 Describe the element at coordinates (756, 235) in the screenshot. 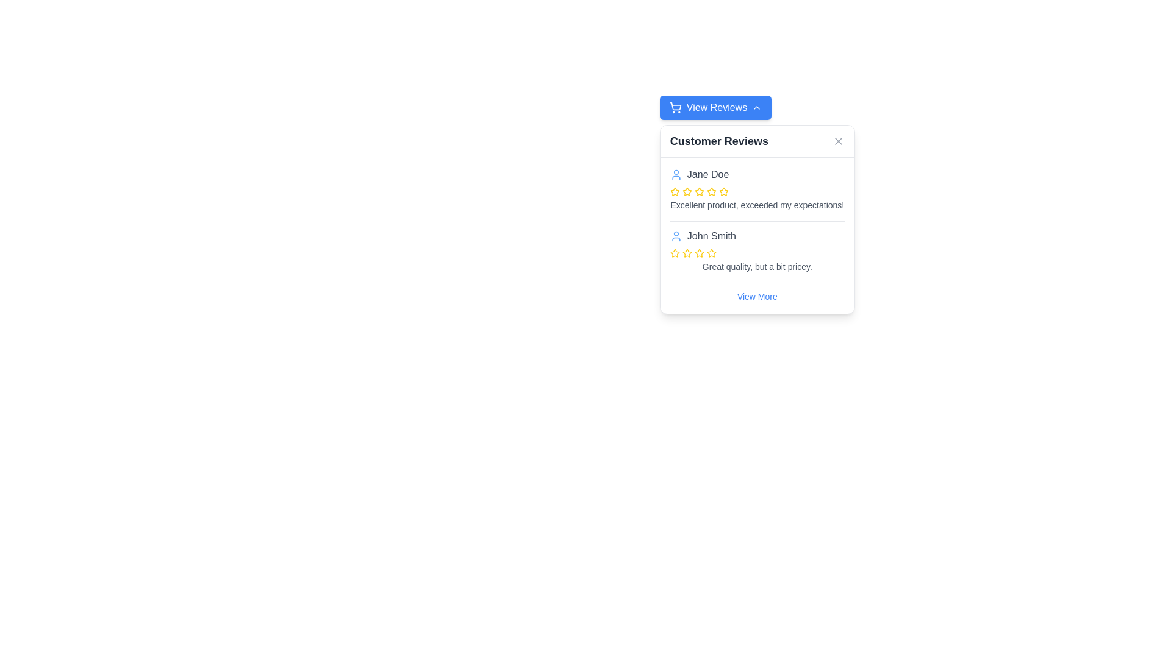

I see `the user reviews in the Review List, which includes ratings and comments from users such as 'Jane Doe' and 'John Smith'` at that location.